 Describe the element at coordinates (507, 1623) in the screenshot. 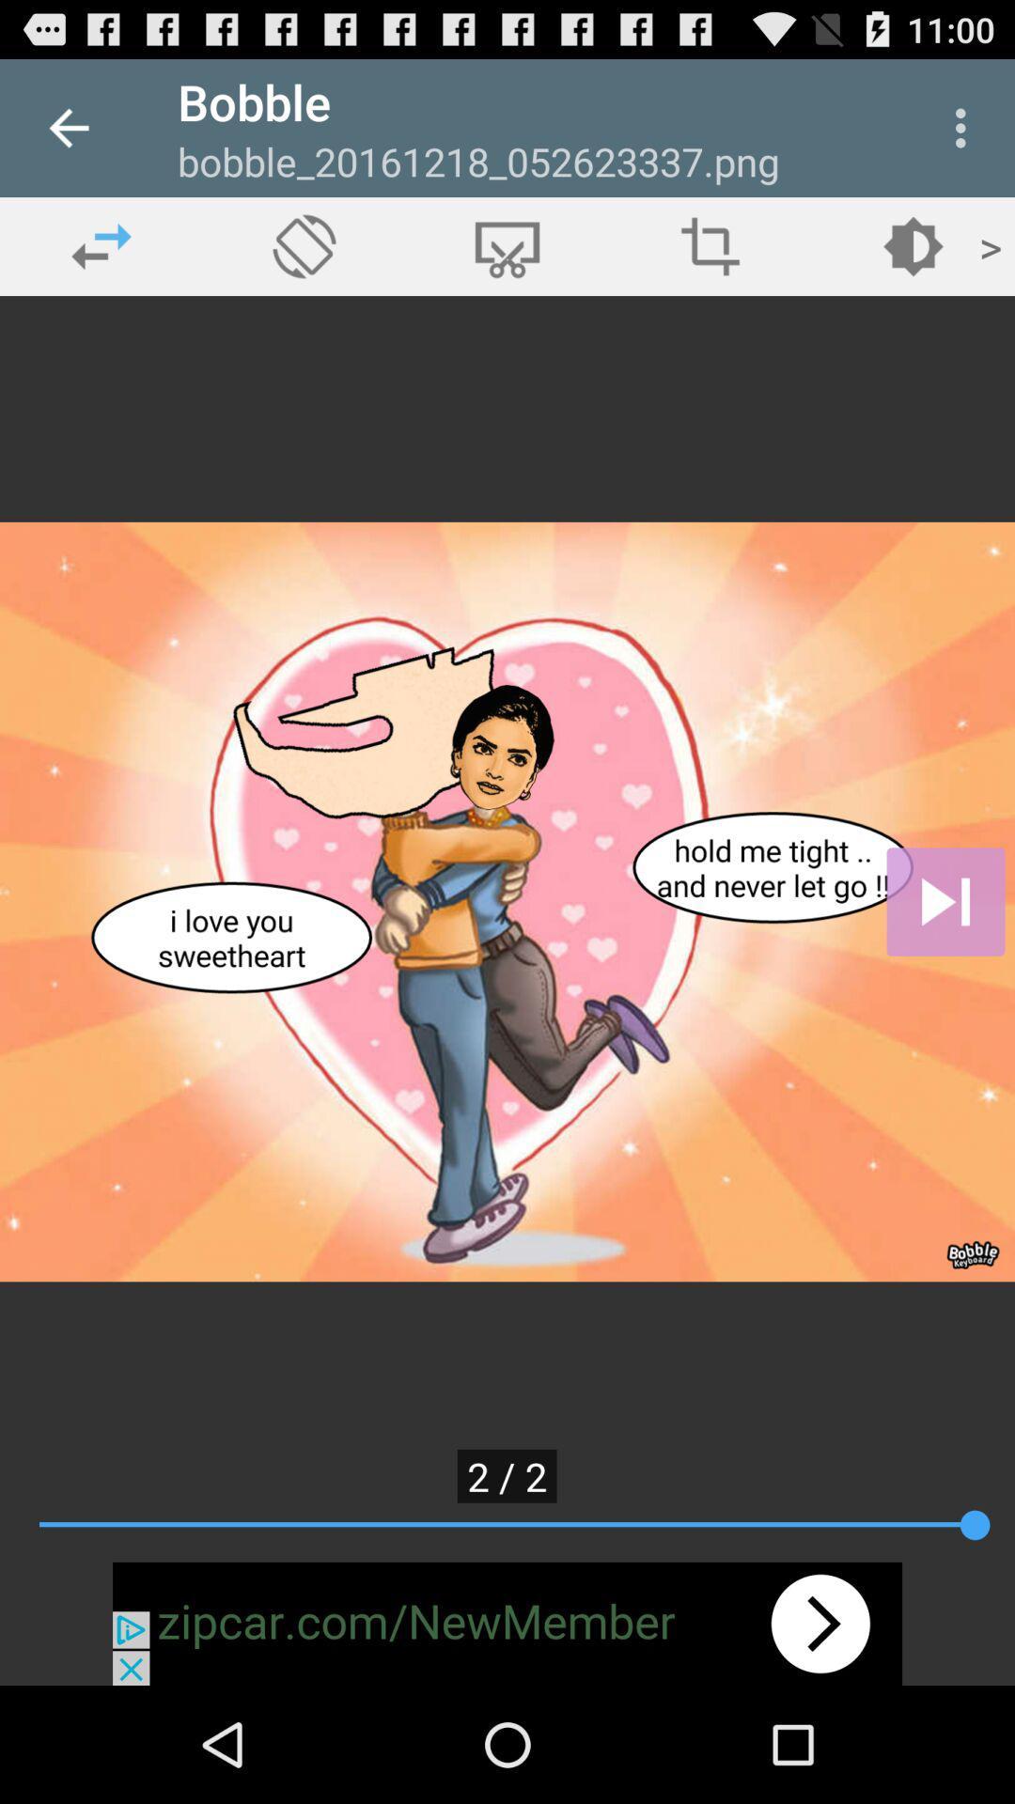

I see `advertisement site for zipcar` at that location.